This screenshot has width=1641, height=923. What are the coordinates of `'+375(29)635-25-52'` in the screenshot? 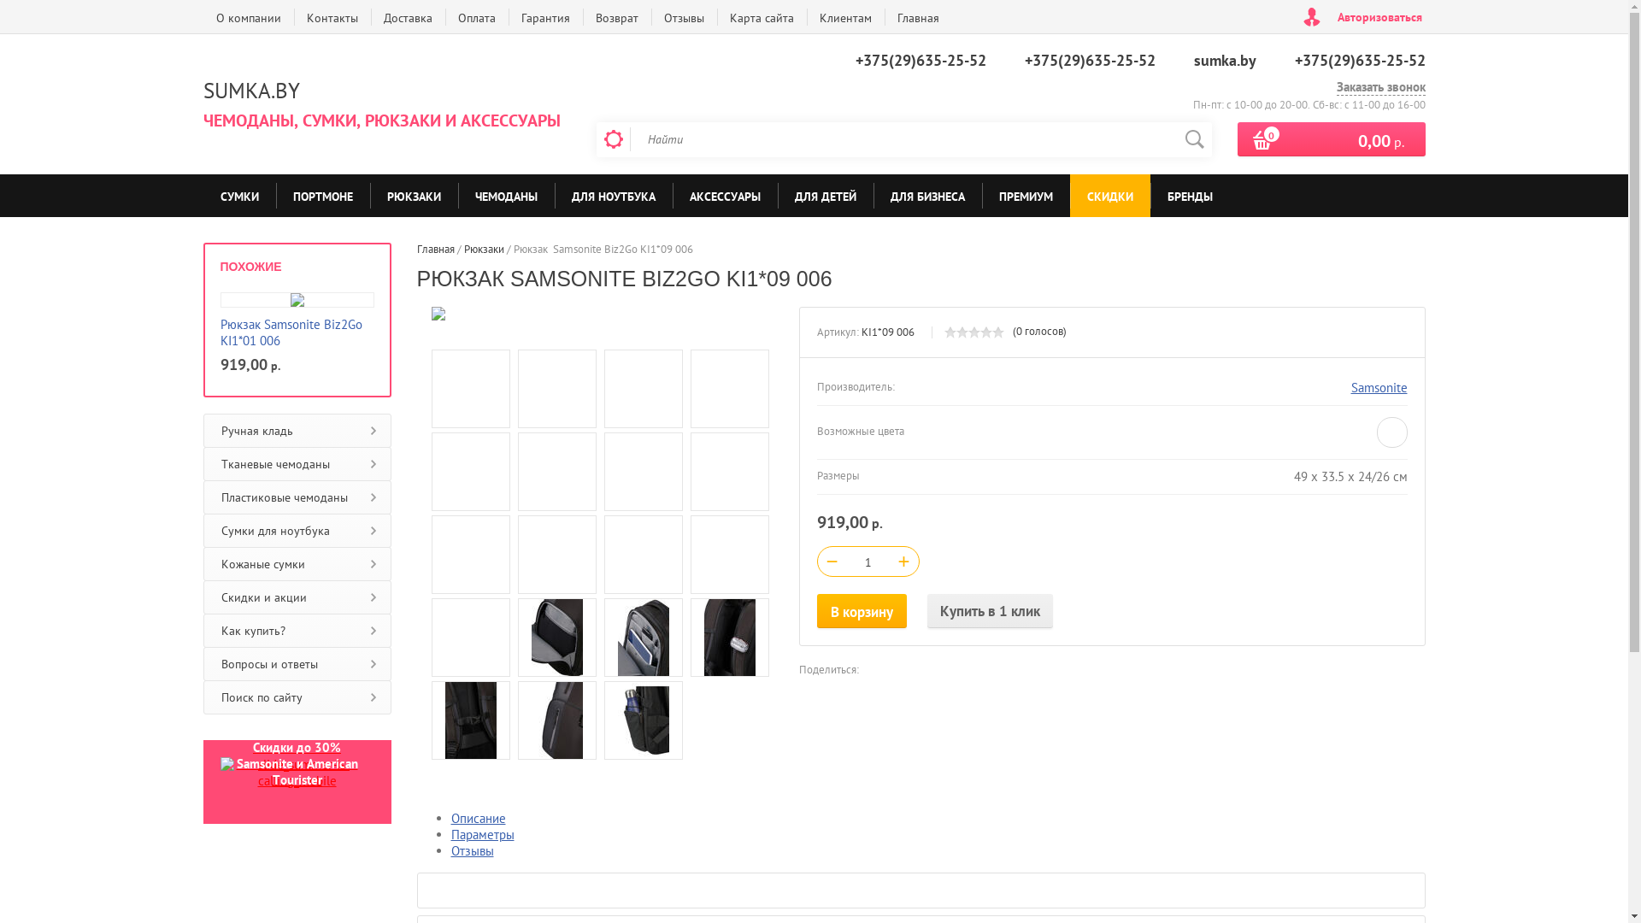 It's located at (1088, 59).